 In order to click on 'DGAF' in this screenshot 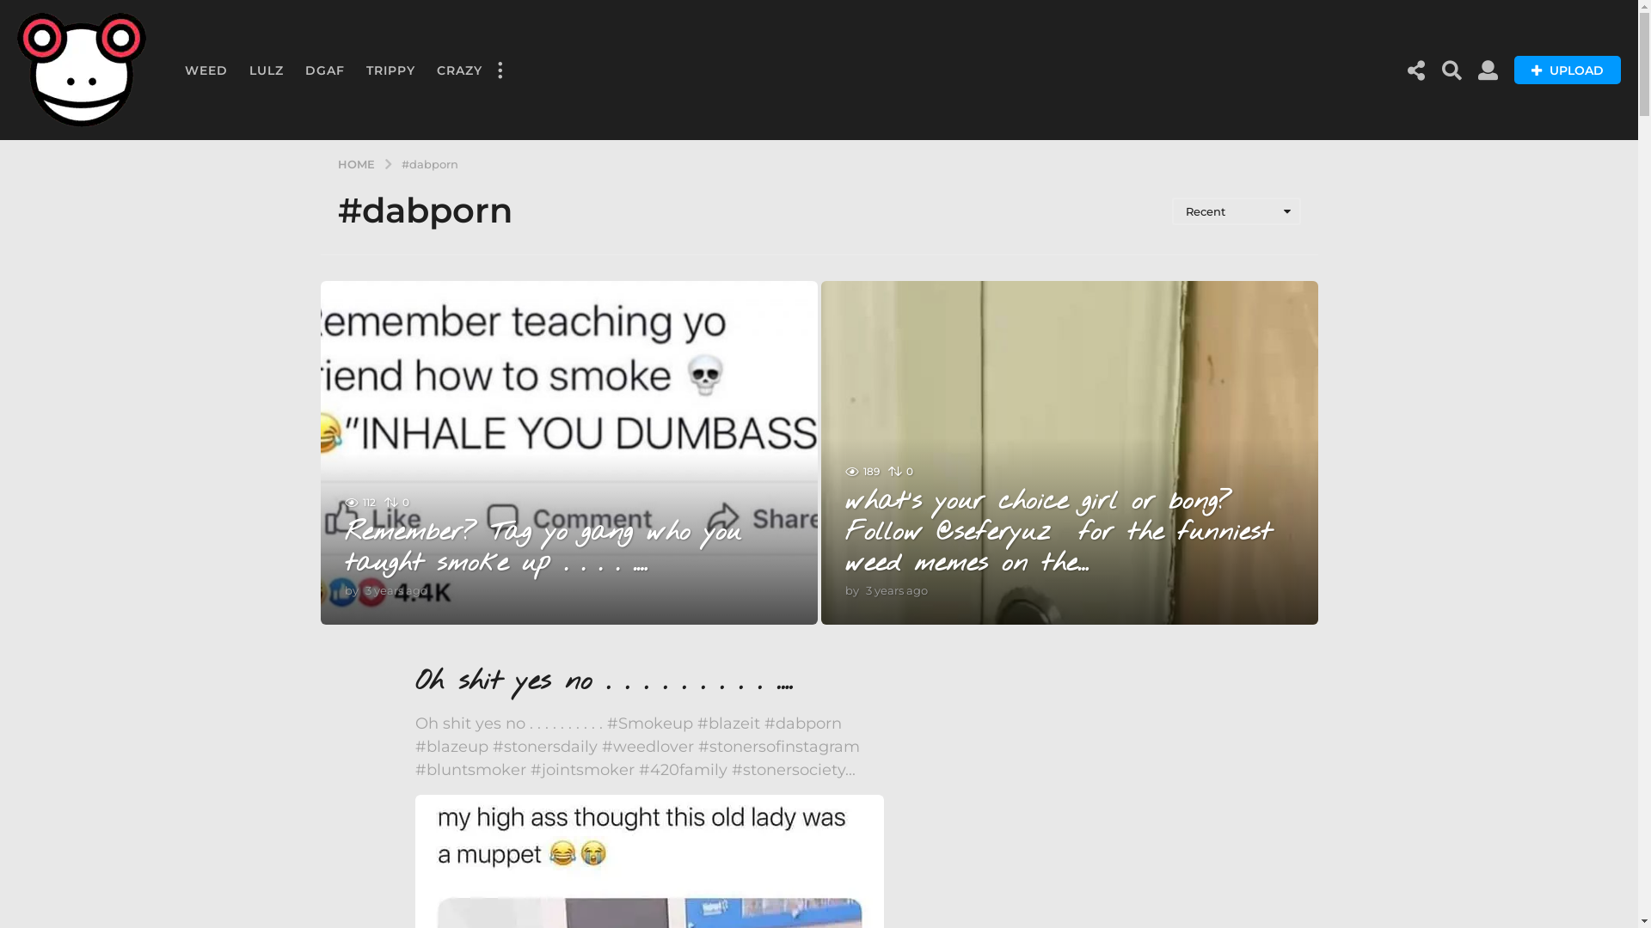, I will do `click(325, 69)`.